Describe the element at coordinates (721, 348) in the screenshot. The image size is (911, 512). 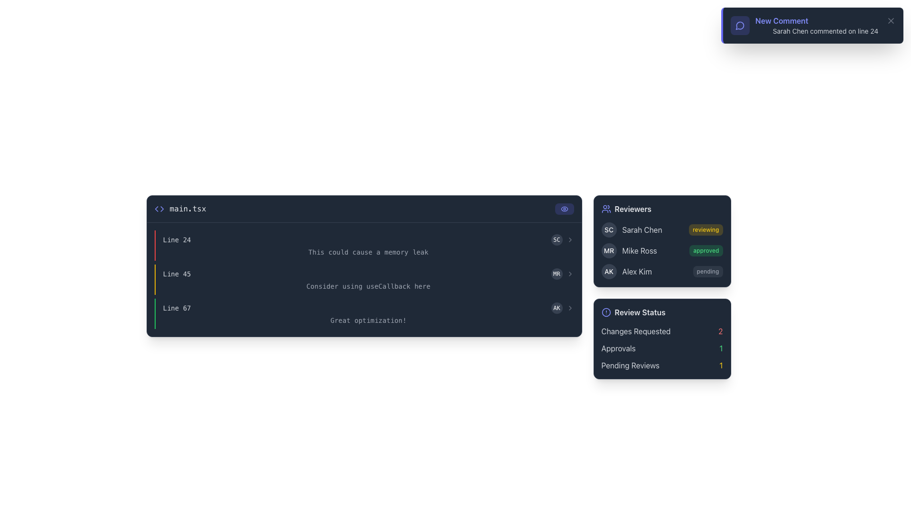
I see `the small green text displaying the number '1' located to the right of the 'Approvals' label in the 'Review Status' section` at that location.